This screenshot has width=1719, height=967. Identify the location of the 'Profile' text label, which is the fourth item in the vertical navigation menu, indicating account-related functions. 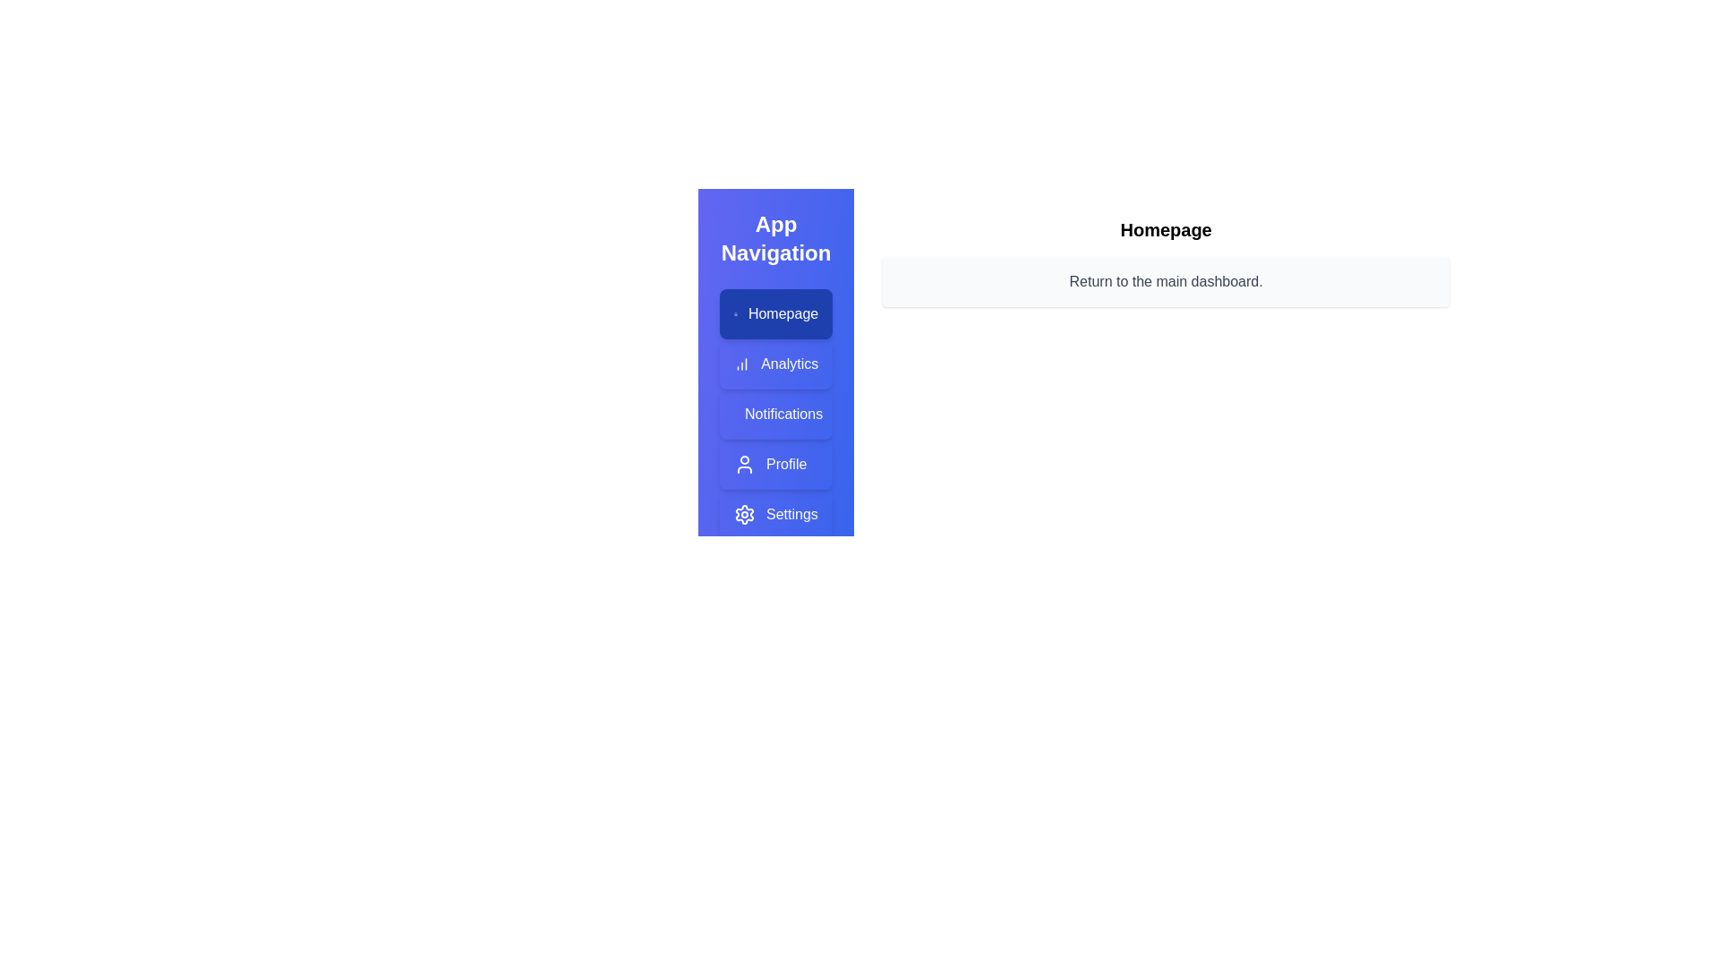
(786, 464).